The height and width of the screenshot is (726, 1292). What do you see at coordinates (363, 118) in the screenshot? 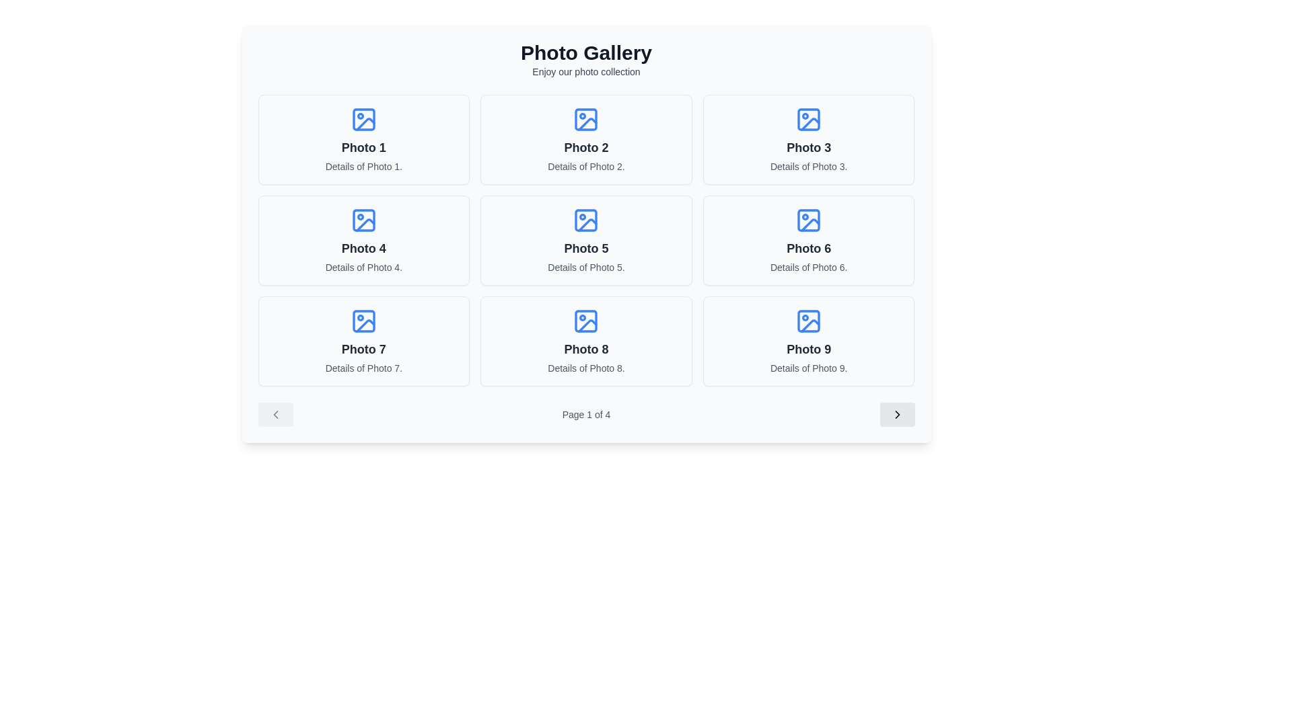
I see `the blue SVG icon representing an image with a mountain and sun design, located at the top-left corner of the grid layout, which is part of the 'Photo 1' group` at bounding box center [363, 118].